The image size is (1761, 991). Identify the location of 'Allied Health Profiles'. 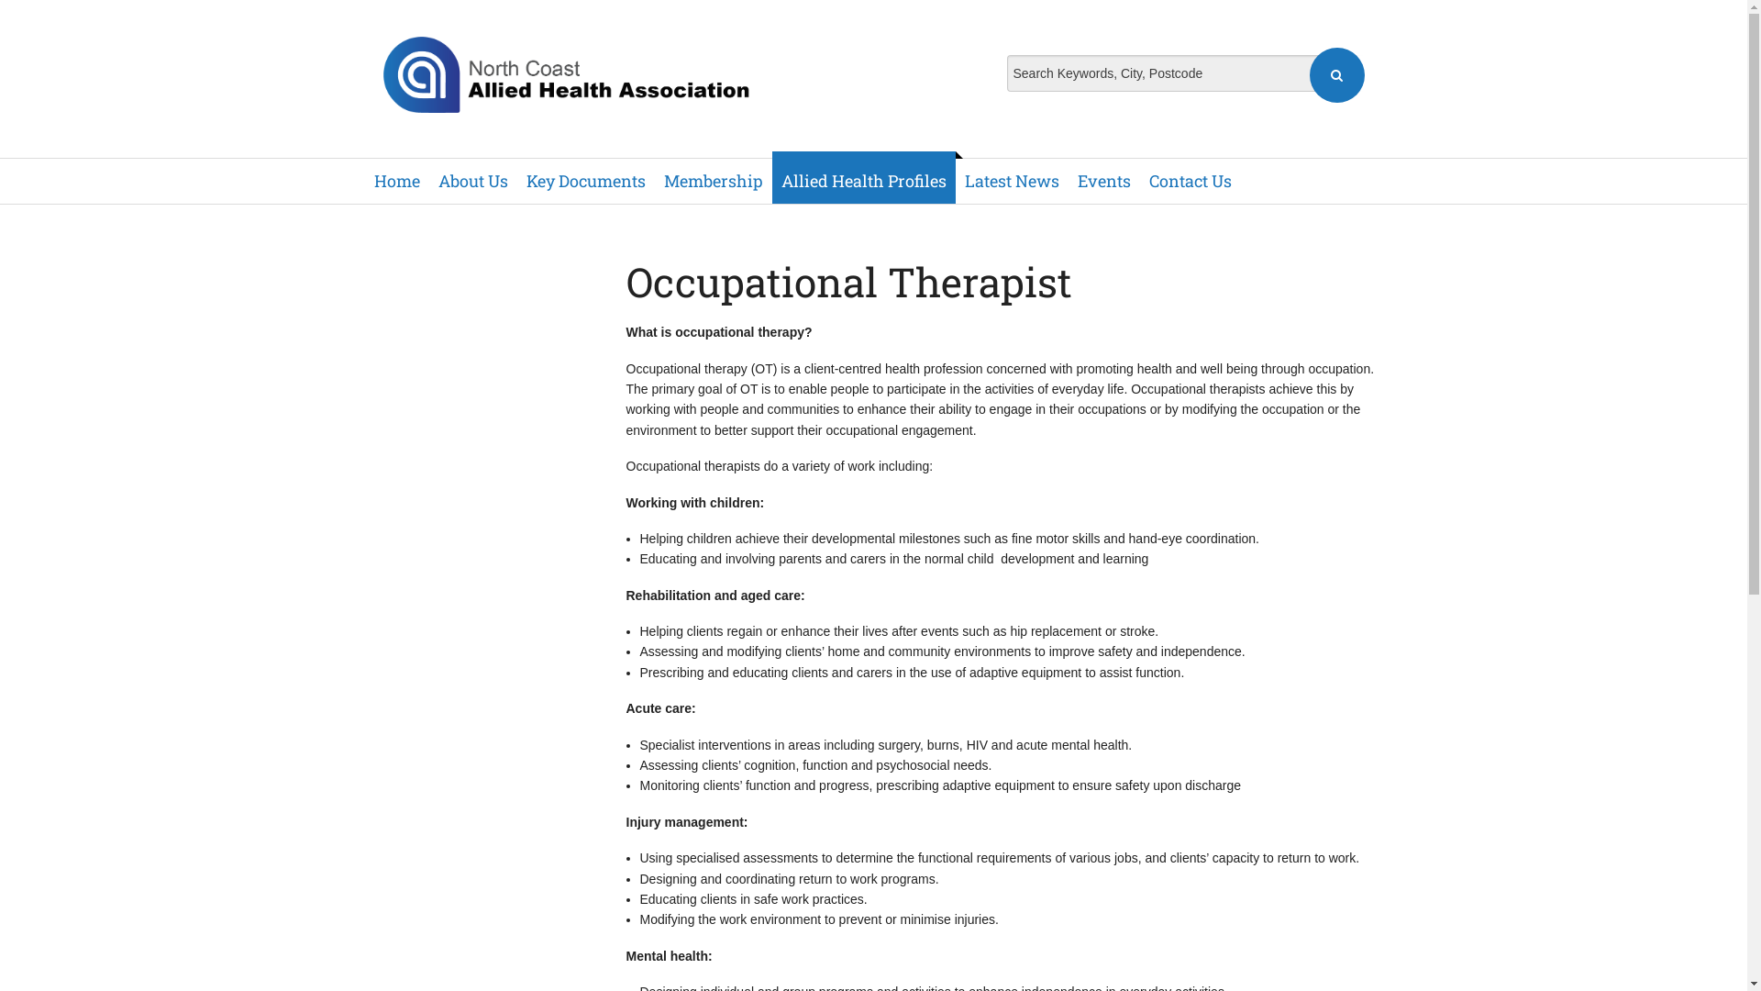
(862, 177).